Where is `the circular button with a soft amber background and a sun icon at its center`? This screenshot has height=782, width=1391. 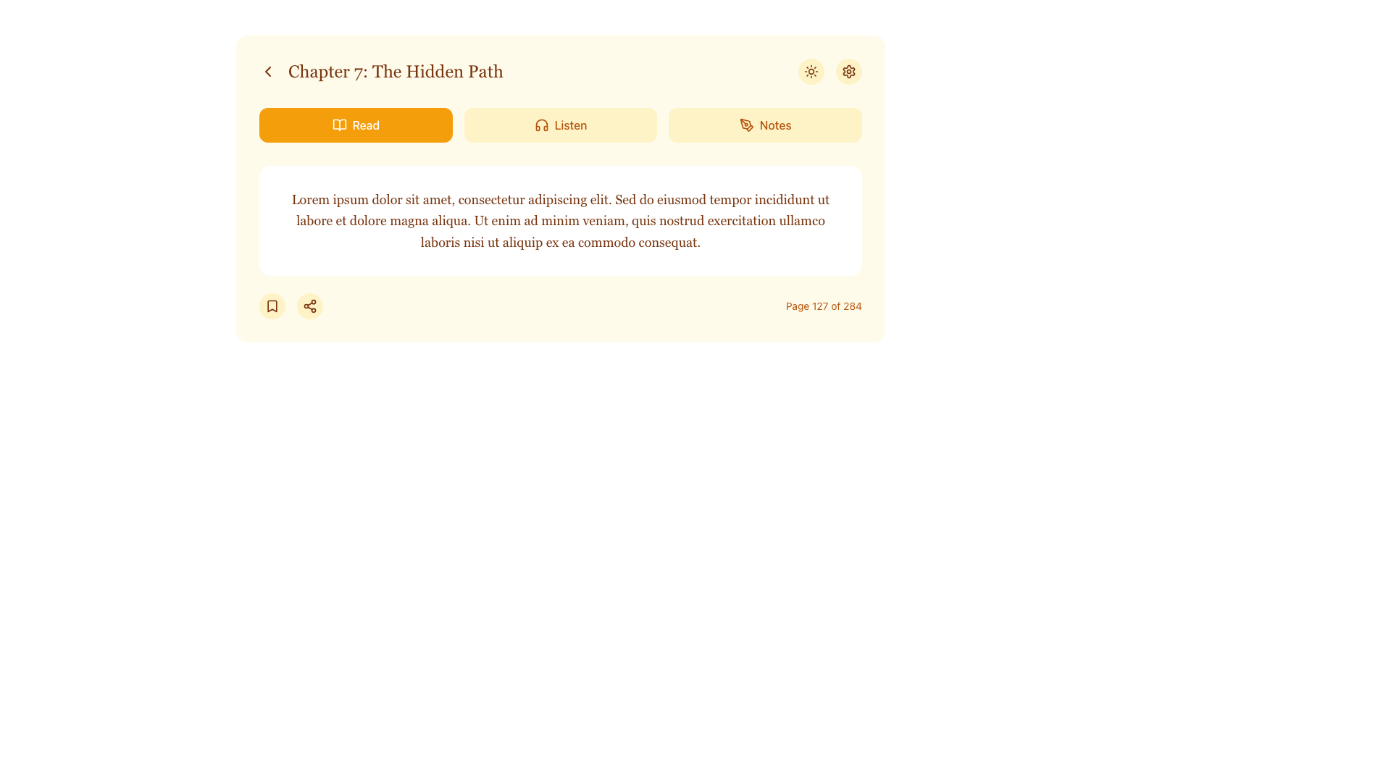 the circular button with a soft amber background and a sun icon at its center is located at coordinates (810, 72).